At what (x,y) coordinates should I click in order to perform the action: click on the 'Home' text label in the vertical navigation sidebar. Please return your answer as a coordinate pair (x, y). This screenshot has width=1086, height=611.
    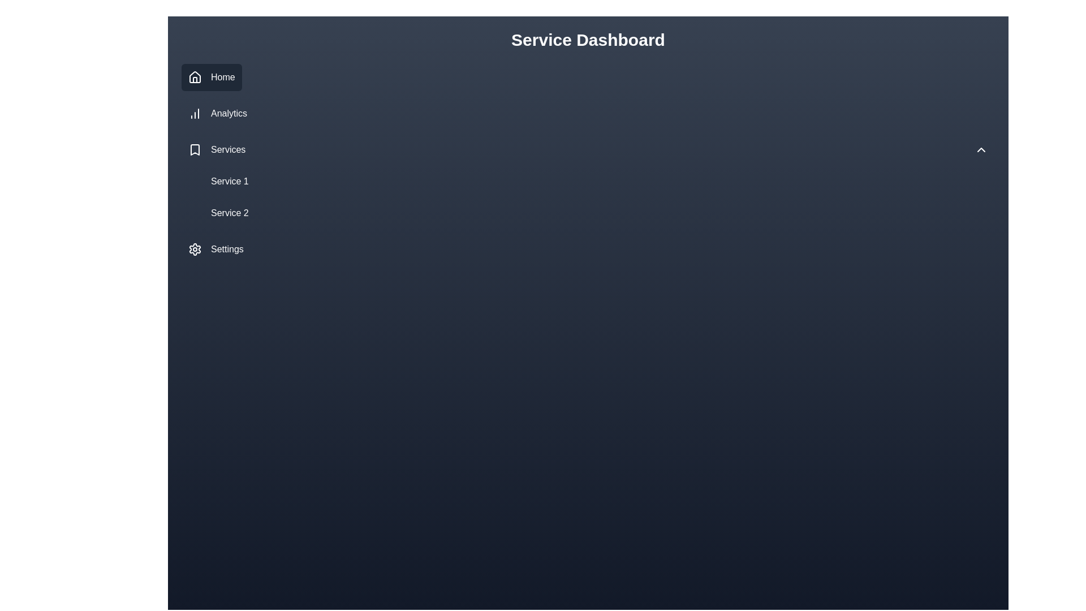
    Looking at the image, I should click on (223, 77).